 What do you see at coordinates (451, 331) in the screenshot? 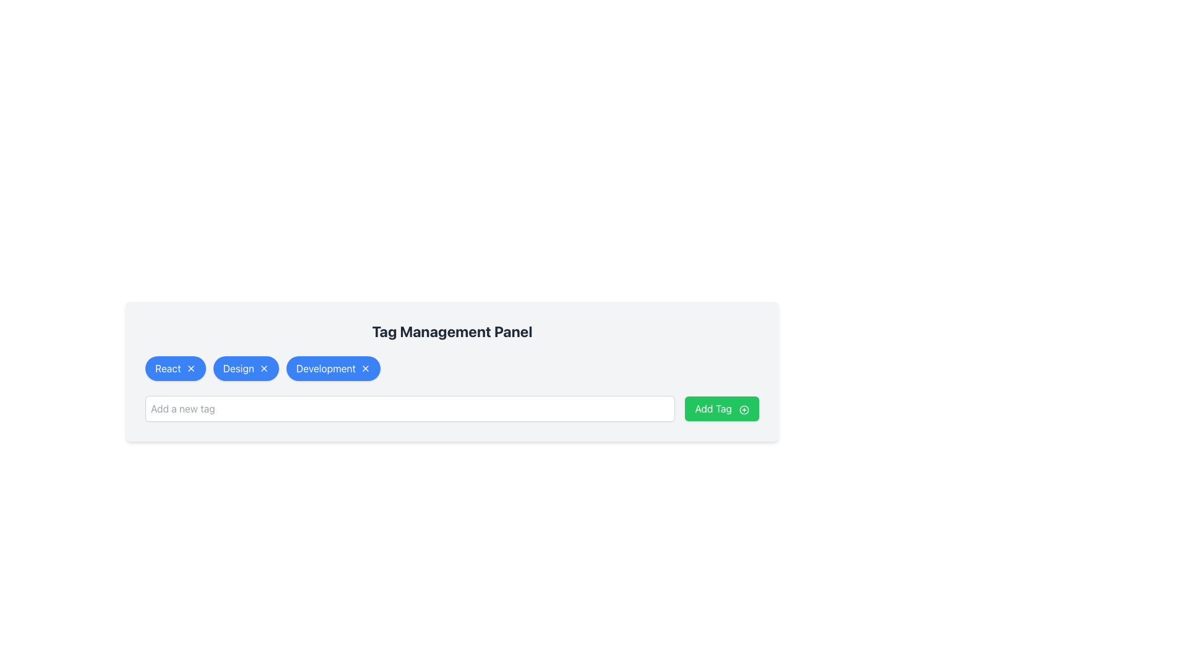
I see `the heading element with the text 'Tag Management Panel', which is prominently styled in bold dark gray and positioned centrally above the tags and input box` at bounding box center [451, 331].